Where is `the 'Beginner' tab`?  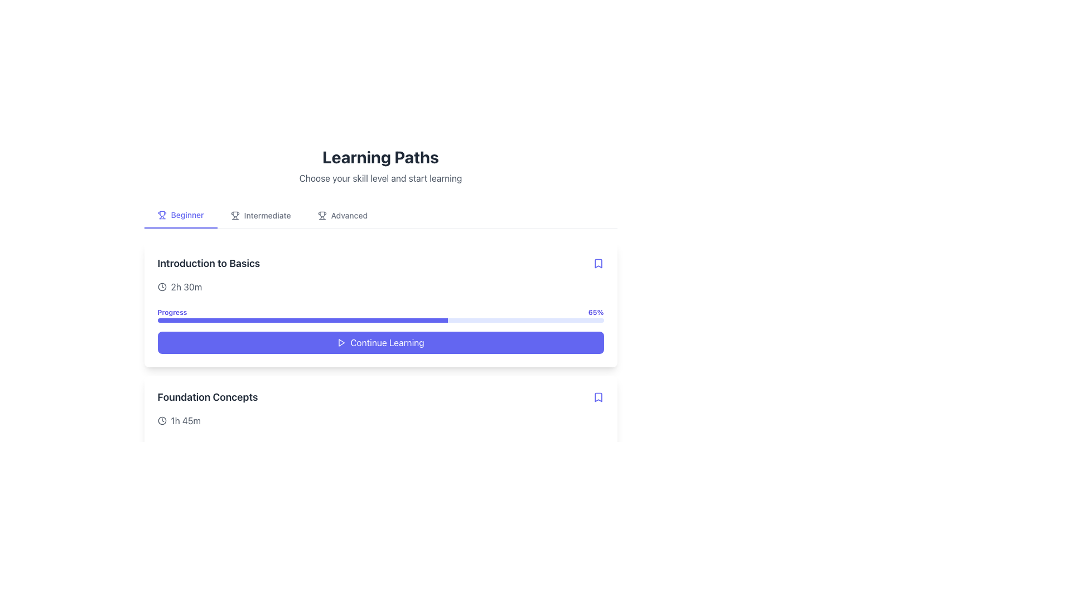
the 'Beginner' tab is located at coordinates (181, 215).